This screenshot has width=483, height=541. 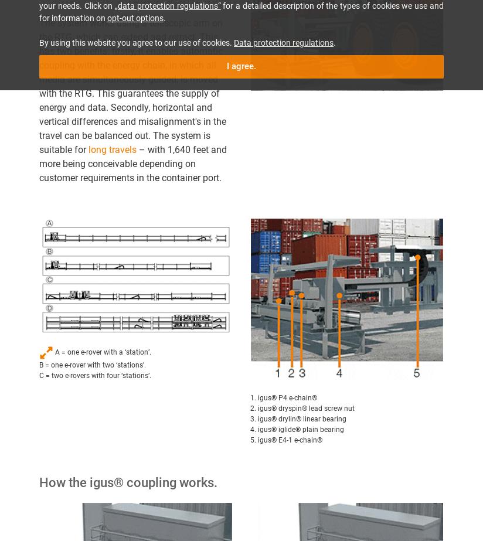 What do you see at coordinates (39, 86) in the screenshot?
I see `'The system works using a telescopic arm on the RTG, which can extend and retract. This has two benefits: firstly, it enables automatic coupling with the energy chain, in which all media are simultaneously guided, is moved with the RTG. This guarantees the supply of energy and data. Secondly, horizontal and vertical differences and misalignment's in the travel can be balanced out. The system is suitable for'` at bounding box center [39, 86].